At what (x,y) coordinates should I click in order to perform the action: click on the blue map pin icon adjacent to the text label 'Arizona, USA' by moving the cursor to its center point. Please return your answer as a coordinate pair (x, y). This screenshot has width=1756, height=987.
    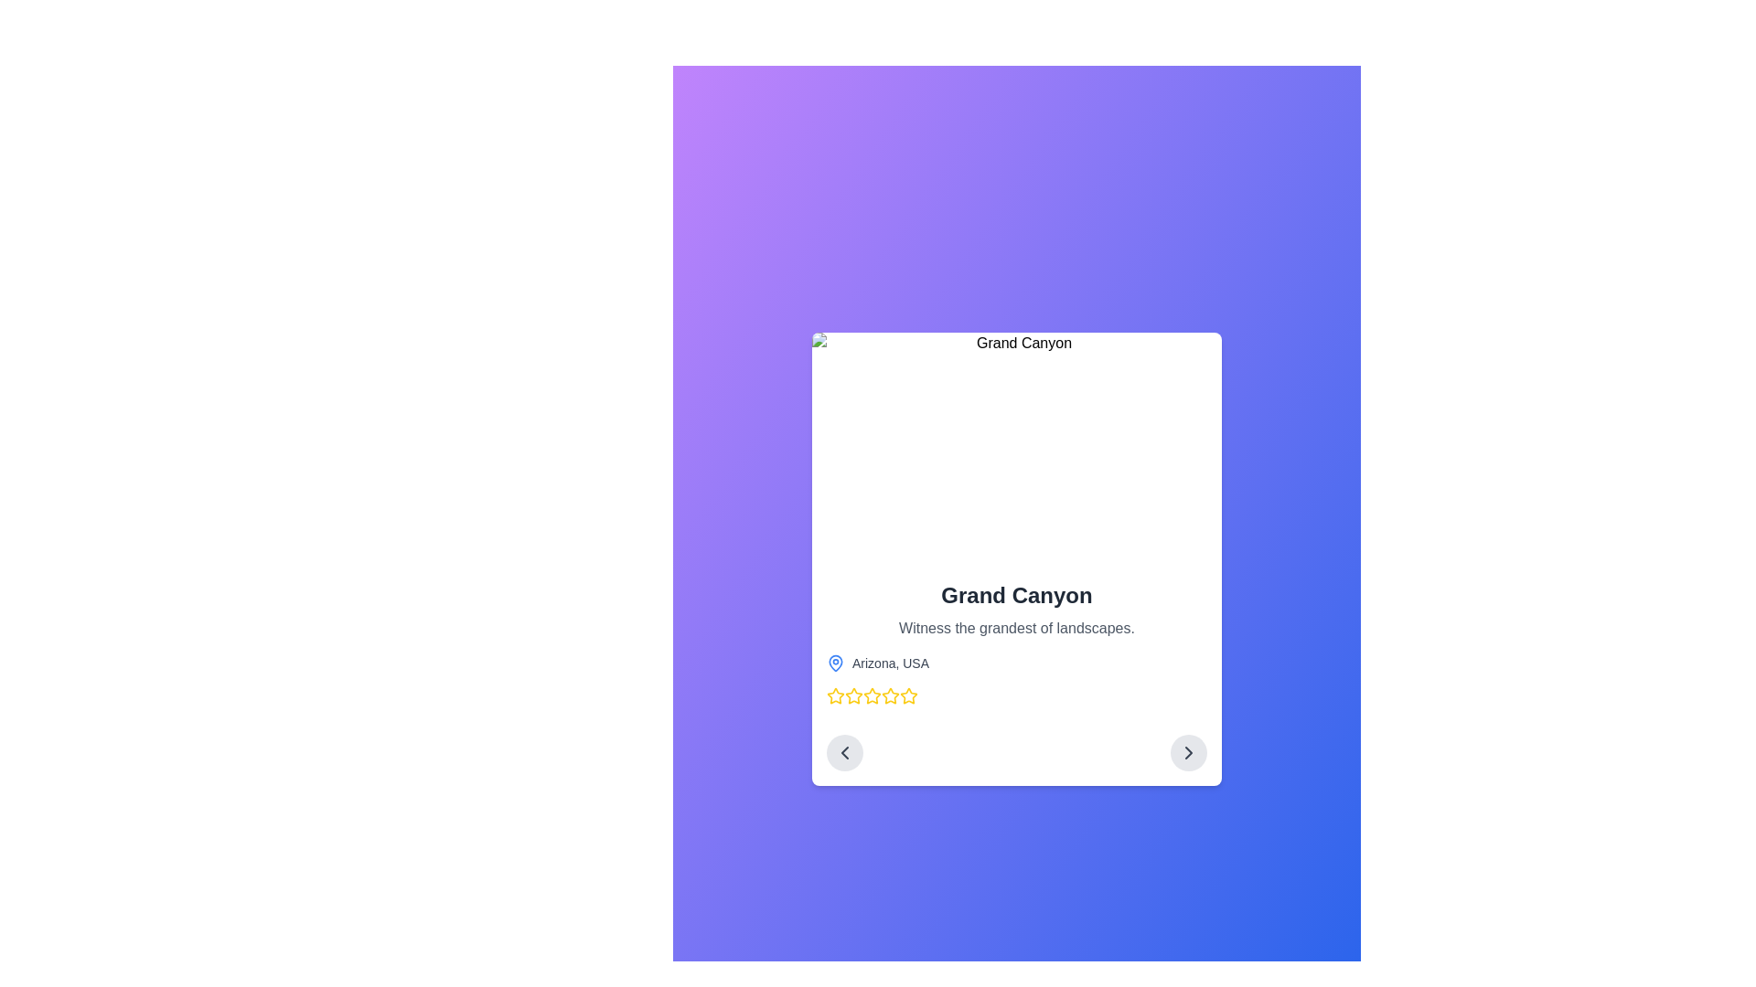
    Looking at the image, I should click on (834, 663).